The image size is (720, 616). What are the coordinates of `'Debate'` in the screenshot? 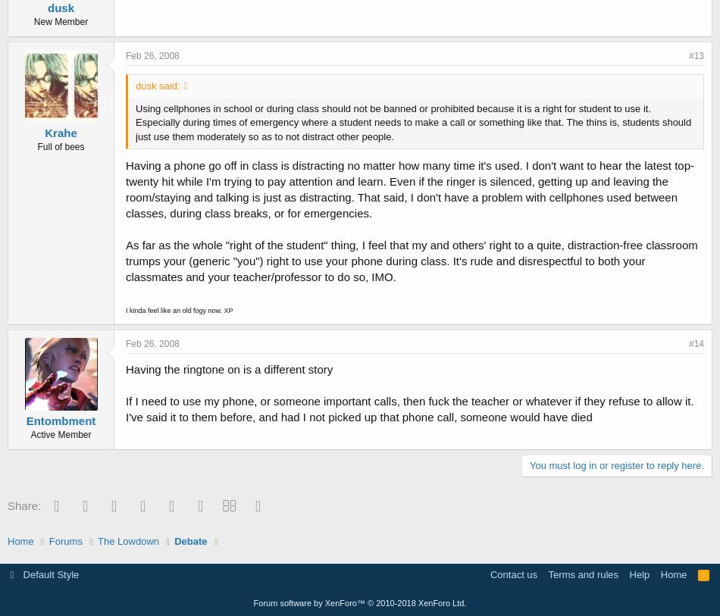 It's located at (189, 540).